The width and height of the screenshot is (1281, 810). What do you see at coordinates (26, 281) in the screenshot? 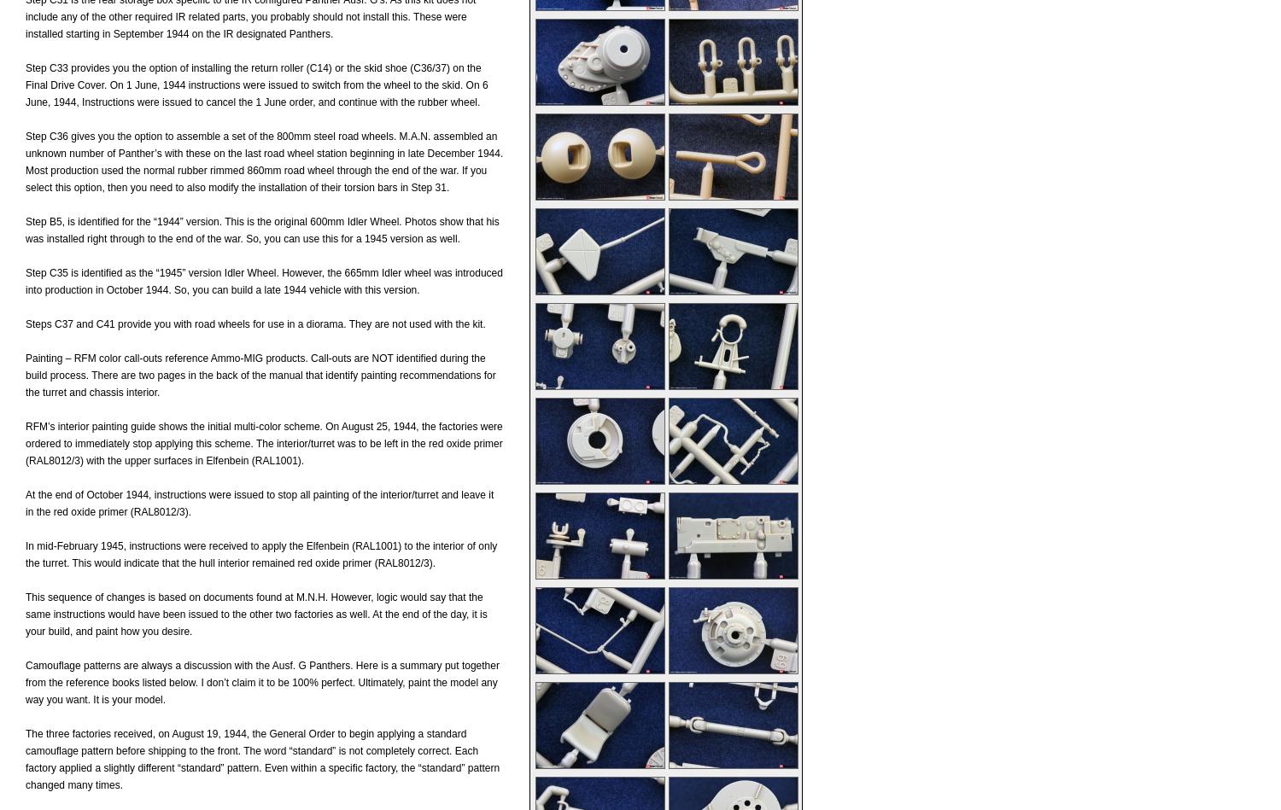
I see `'Step C35 is identified as the “1945” version Idler Wheel. However, the 665mm Idler wheel was introduced into production in October 1944. So, you can build a late 1944 vehicle with this version.'` at bounding box center [26, 281].